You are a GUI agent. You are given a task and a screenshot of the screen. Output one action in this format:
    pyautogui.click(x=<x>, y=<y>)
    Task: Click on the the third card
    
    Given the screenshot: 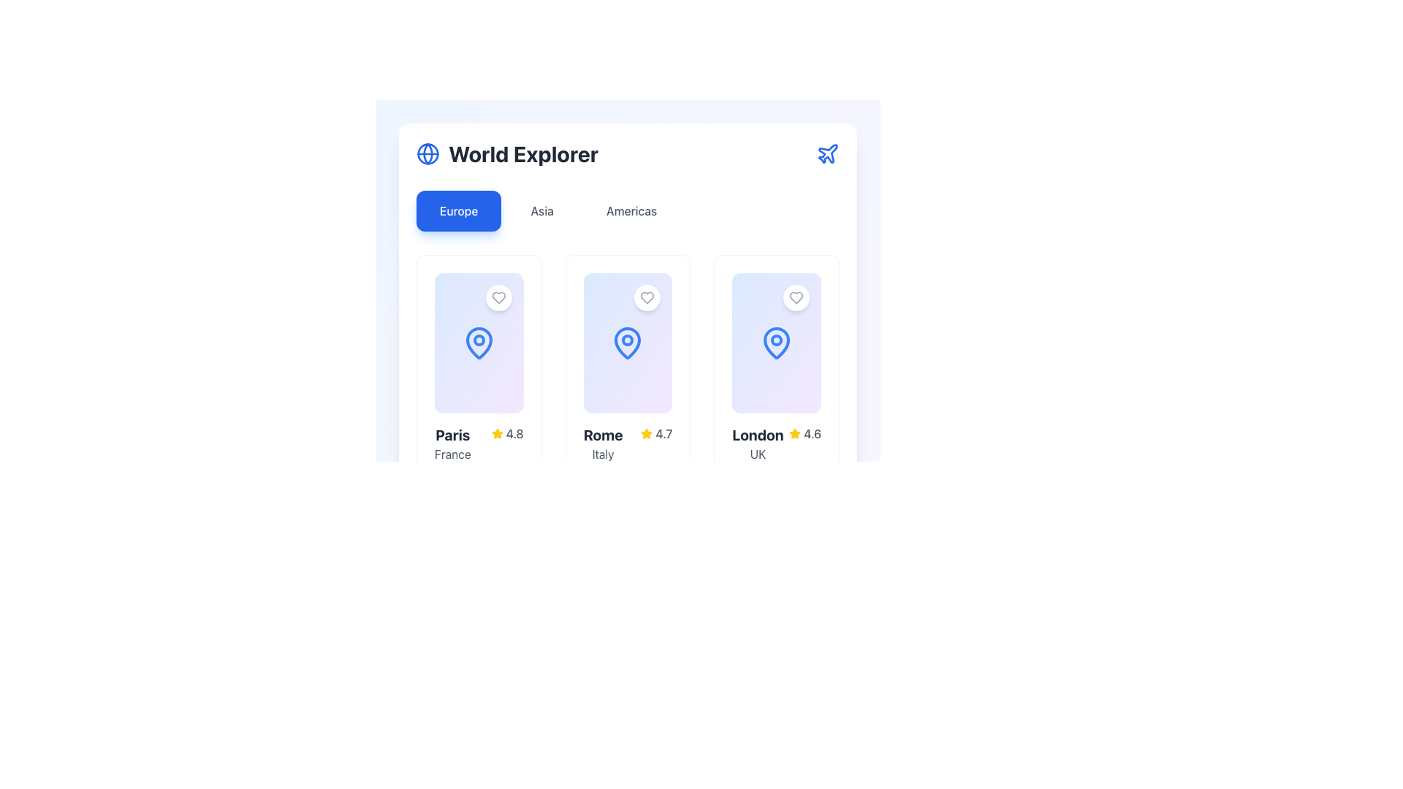 What is the action you would take?
    pyautogui.click(x=775, y=343)
    